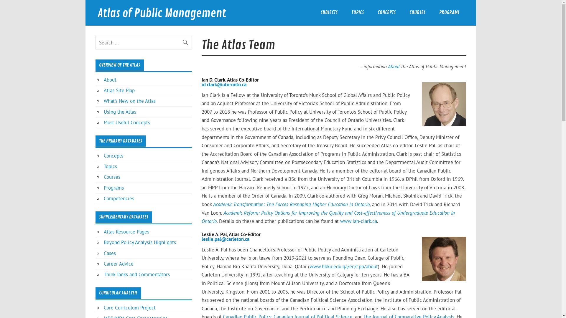 The height and width of the screenshot is (318, 566). What do you see at coordinates (119, 90) in the screenshot?
I see `'Atlas Site Map'` at bounding box center [119, 90].